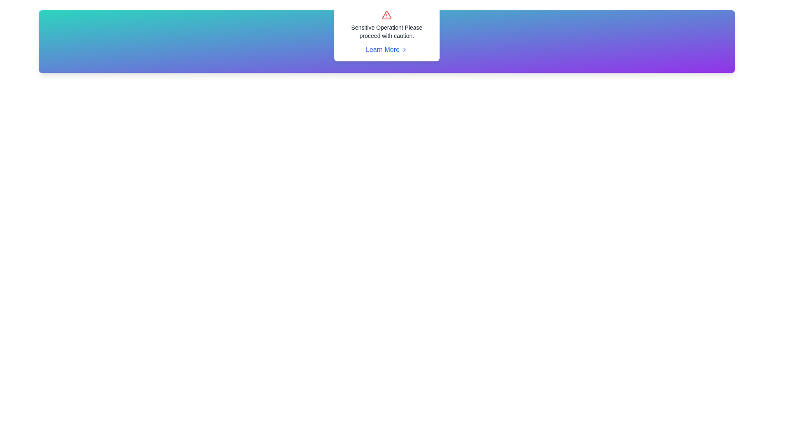 This screenshot has width=791, height=445. Describe the element at coordinates (404, 49) in the screenshot. I see `the small, right-pointing chevron-shaped icon adjacent to the 'Learn More' text, which is part of an interactive link component` at that location.